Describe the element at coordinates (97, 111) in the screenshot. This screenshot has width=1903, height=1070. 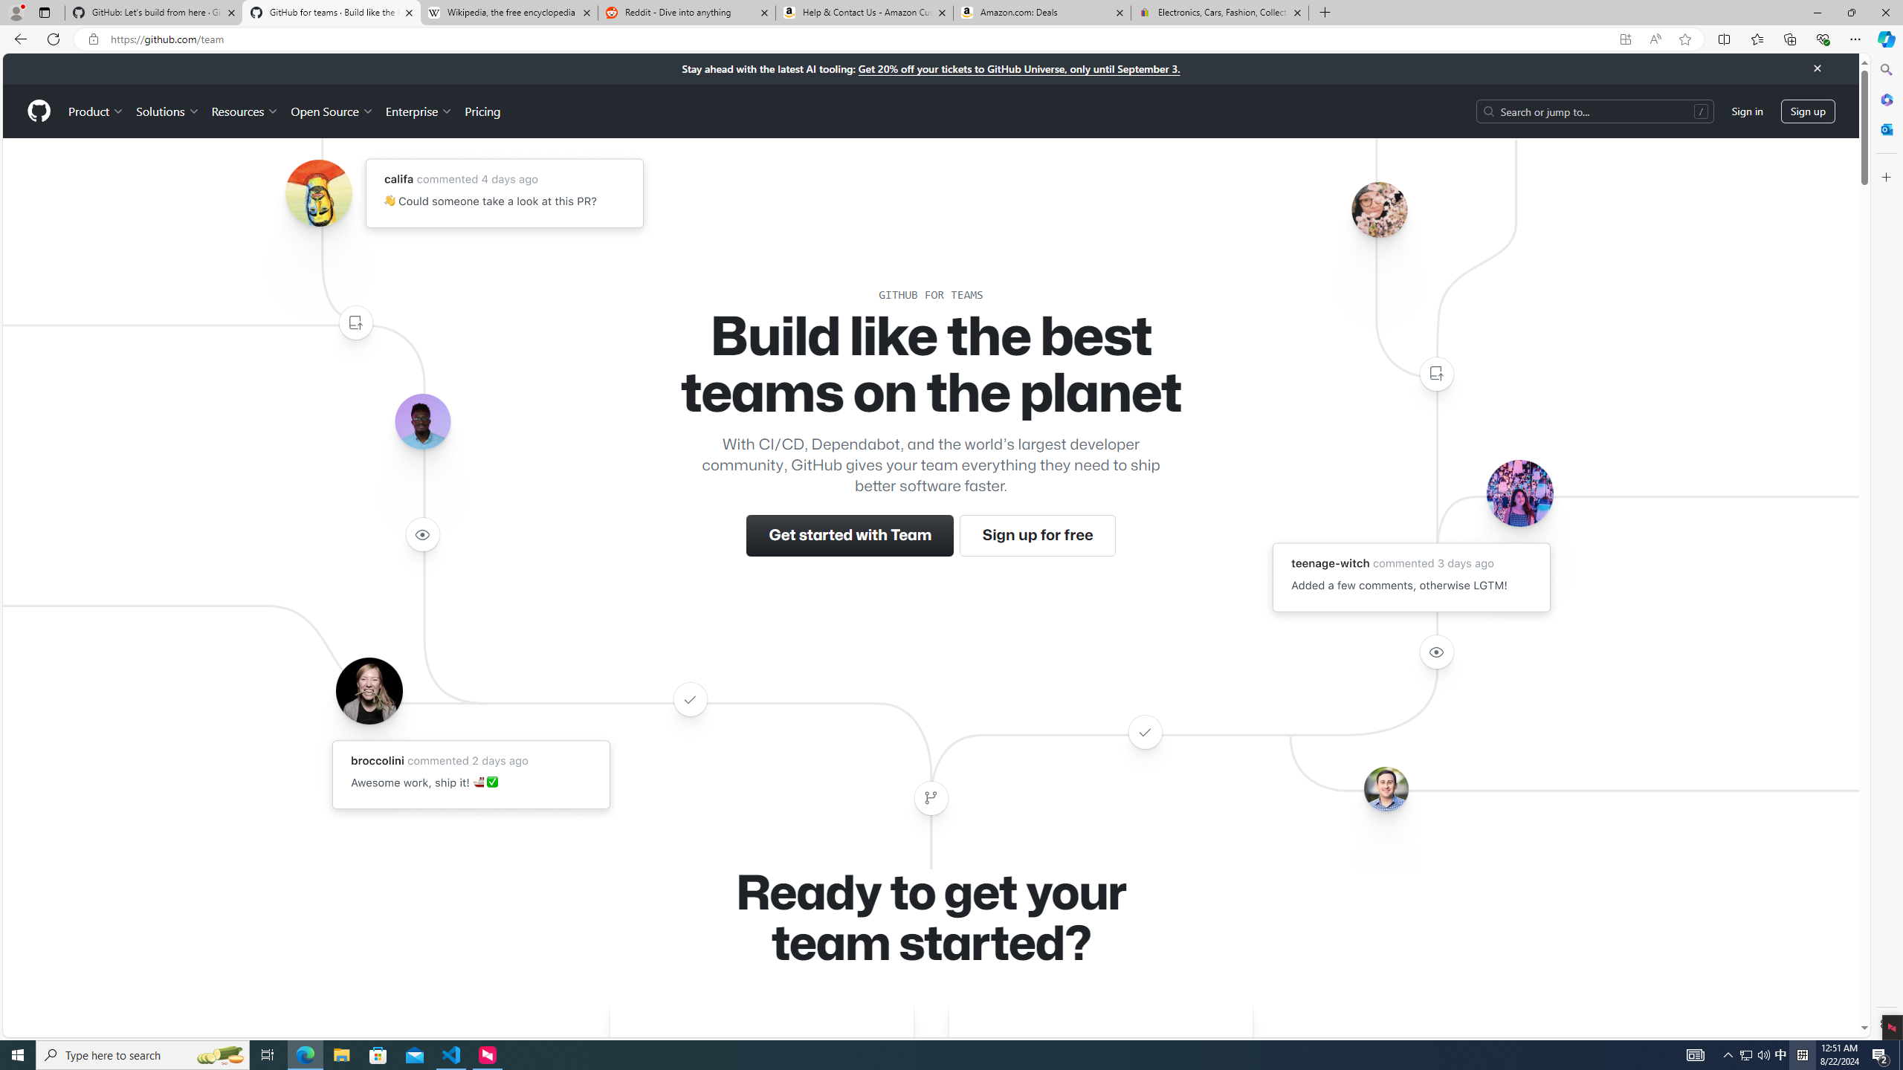
I see `'Product'` at that location.